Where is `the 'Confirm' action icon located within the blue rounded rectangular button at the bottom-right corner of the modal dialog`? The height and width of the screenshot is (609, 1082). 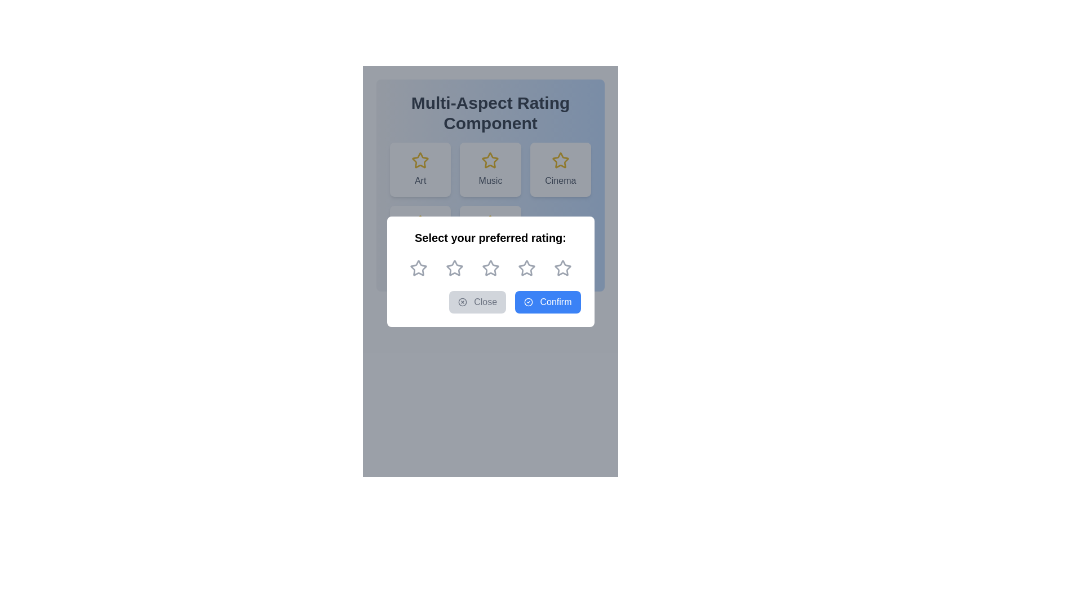 the 'Confirm' action icon located within the blue rounded rectangular button at the bottom-right corner of the modal dialog is located at coordinates (528, 302).